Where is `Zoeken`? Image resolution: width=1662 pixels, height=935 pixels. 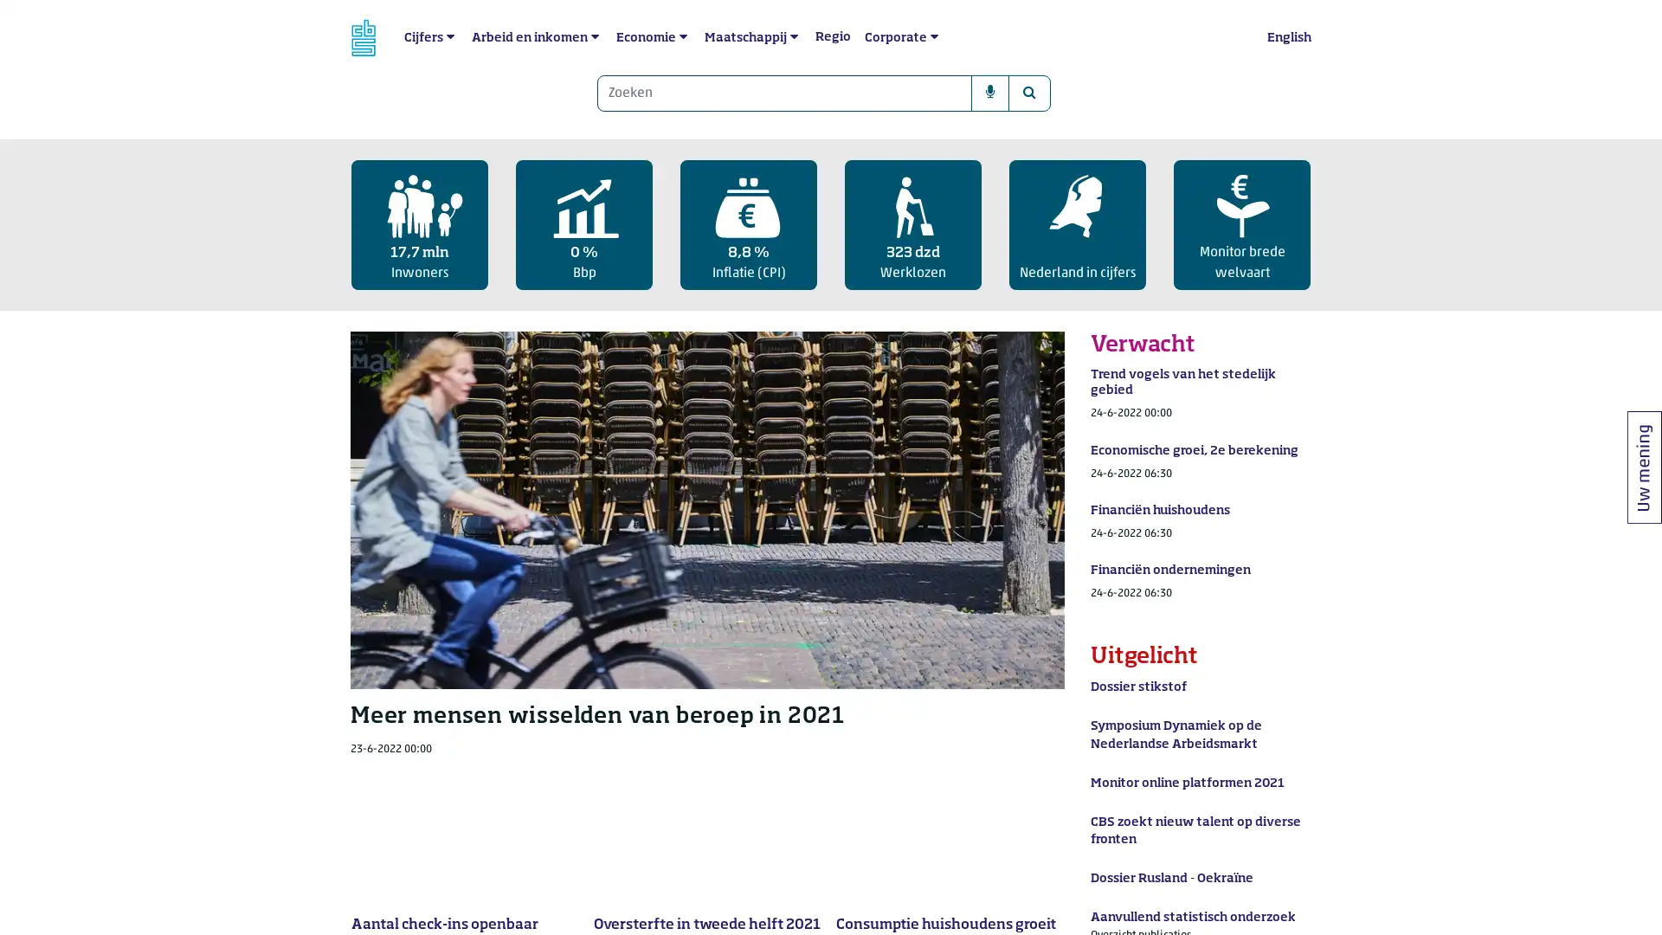 Zoeken is located at coordinates (1029, 93).